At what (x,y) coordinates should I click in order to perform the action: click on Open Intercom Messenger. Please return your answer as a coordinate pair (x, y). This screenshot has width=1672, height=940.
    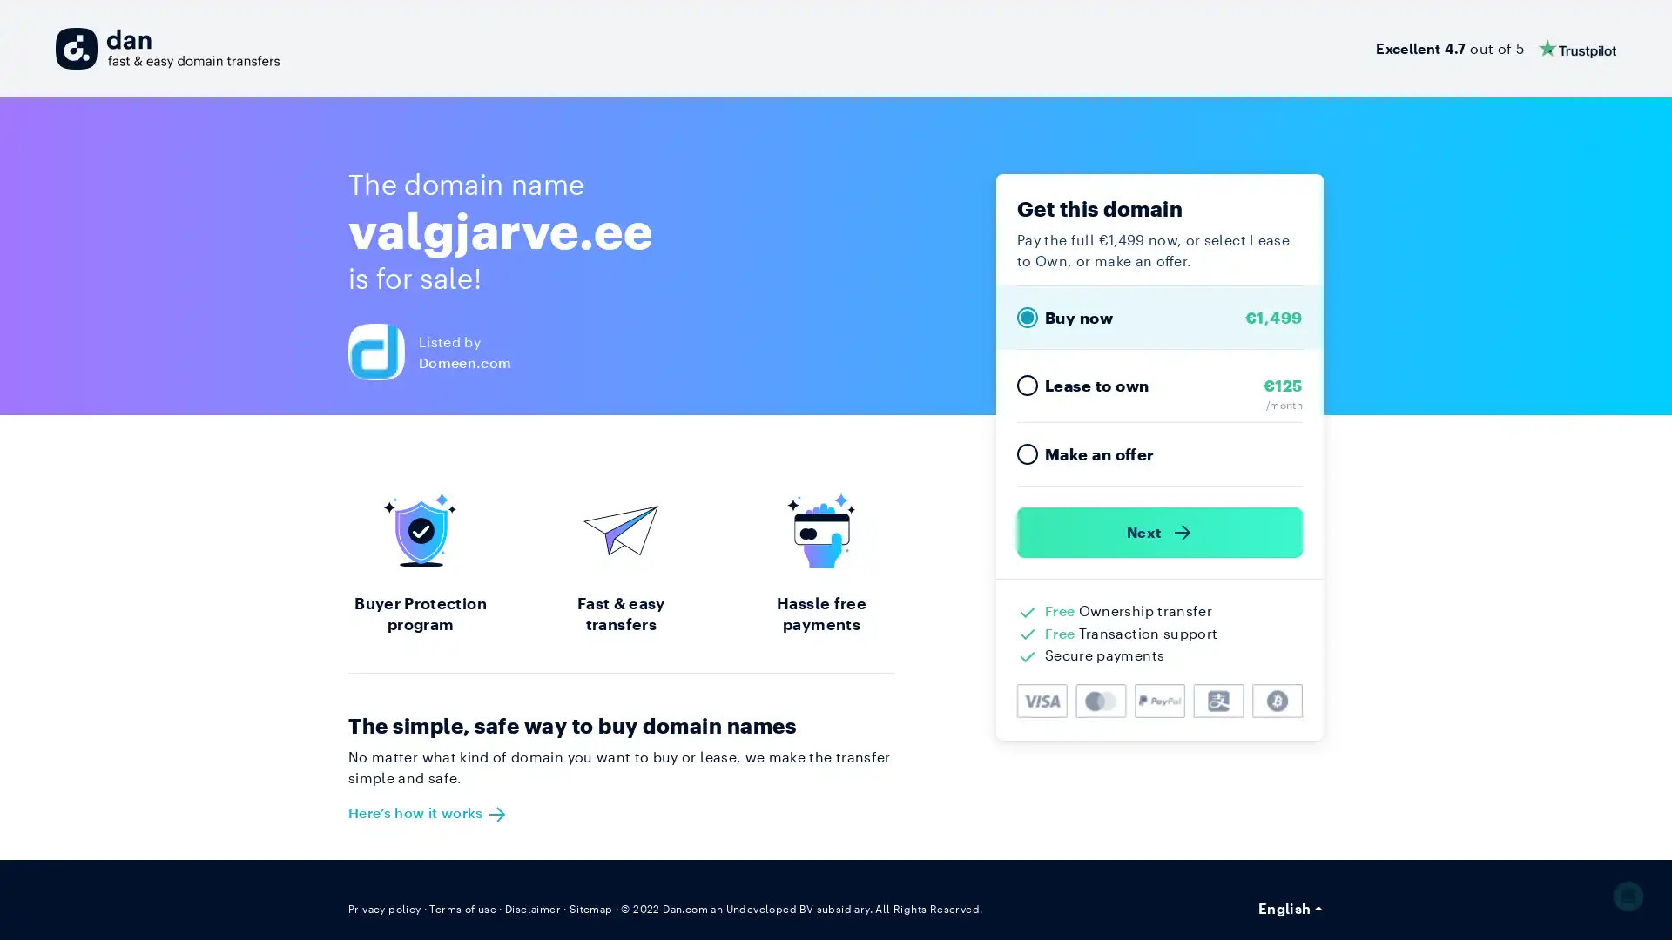
    Looking at the image, I should click on (1628, 896).